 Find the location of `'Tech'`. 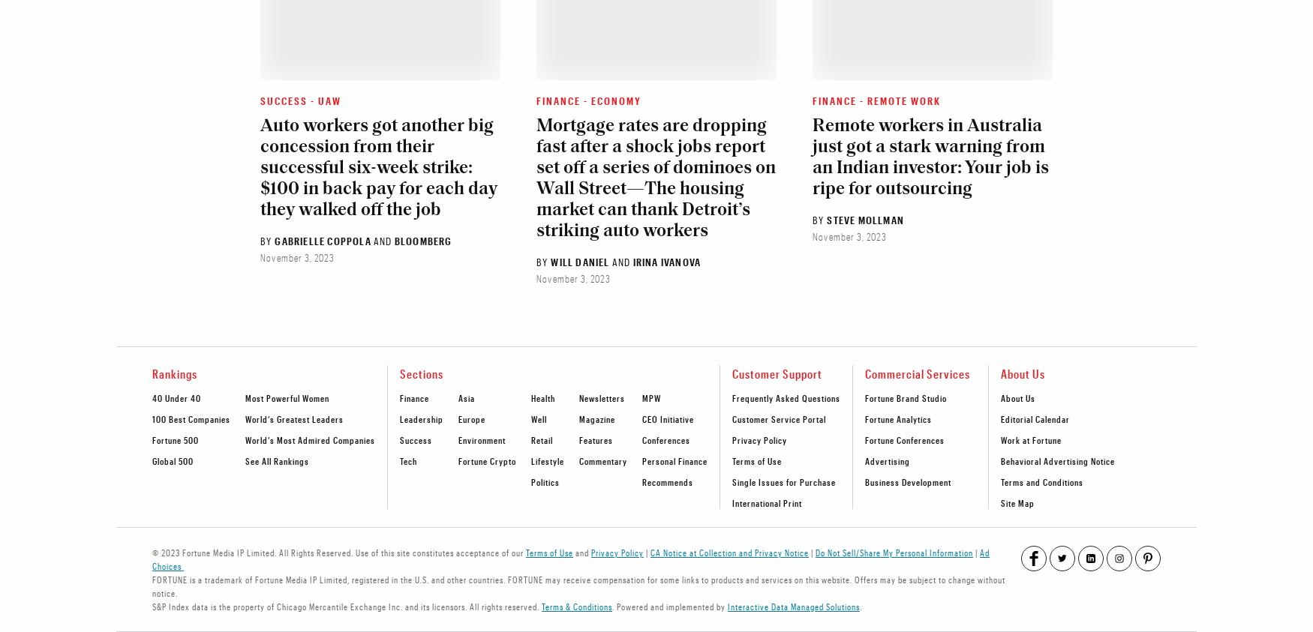

'Tech' is located at coordinates (407, 460).